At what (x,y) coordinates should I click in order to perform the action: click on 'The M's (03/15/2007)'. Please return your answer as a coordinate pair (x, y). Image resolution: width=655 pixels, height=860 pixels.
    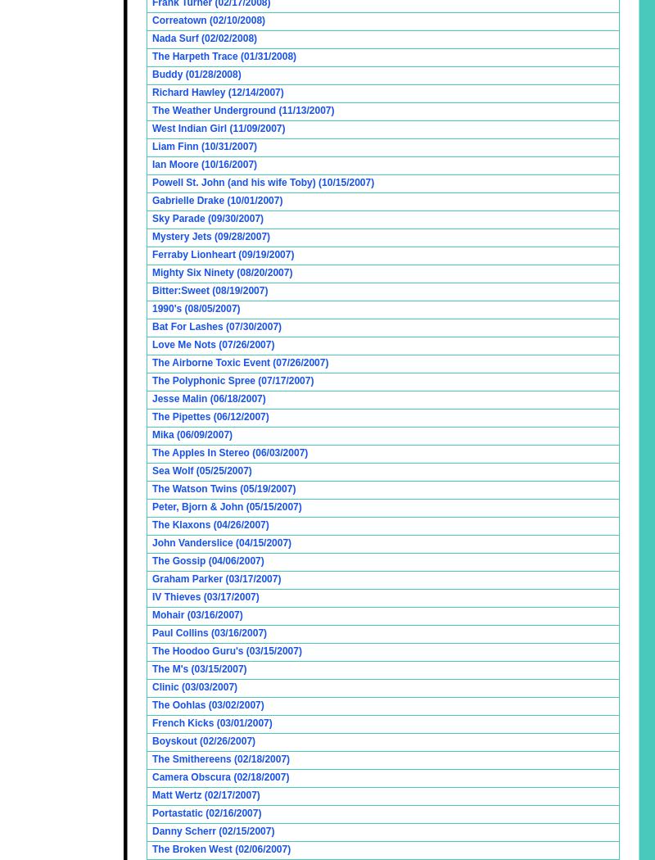
    Looking at the image, I should click on (198, 668).